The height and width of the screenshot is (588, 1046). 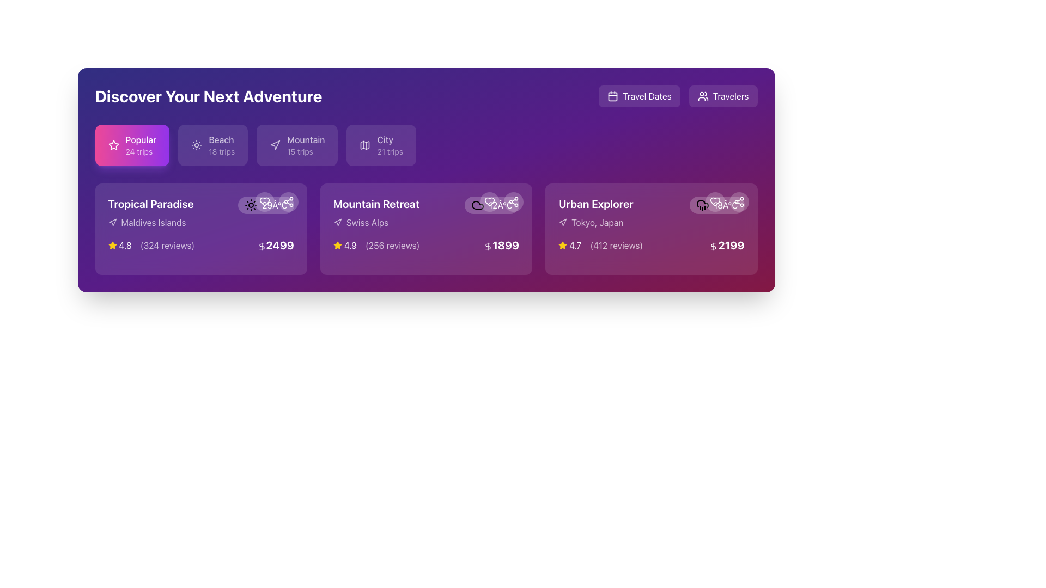 I want to click on the Navigation/location icon representing the location for the 'Urban Explorer' trip, positioned to the left of 'Tokyo, Japan' in the third card of the displayed options, so click(x=563, y=222).